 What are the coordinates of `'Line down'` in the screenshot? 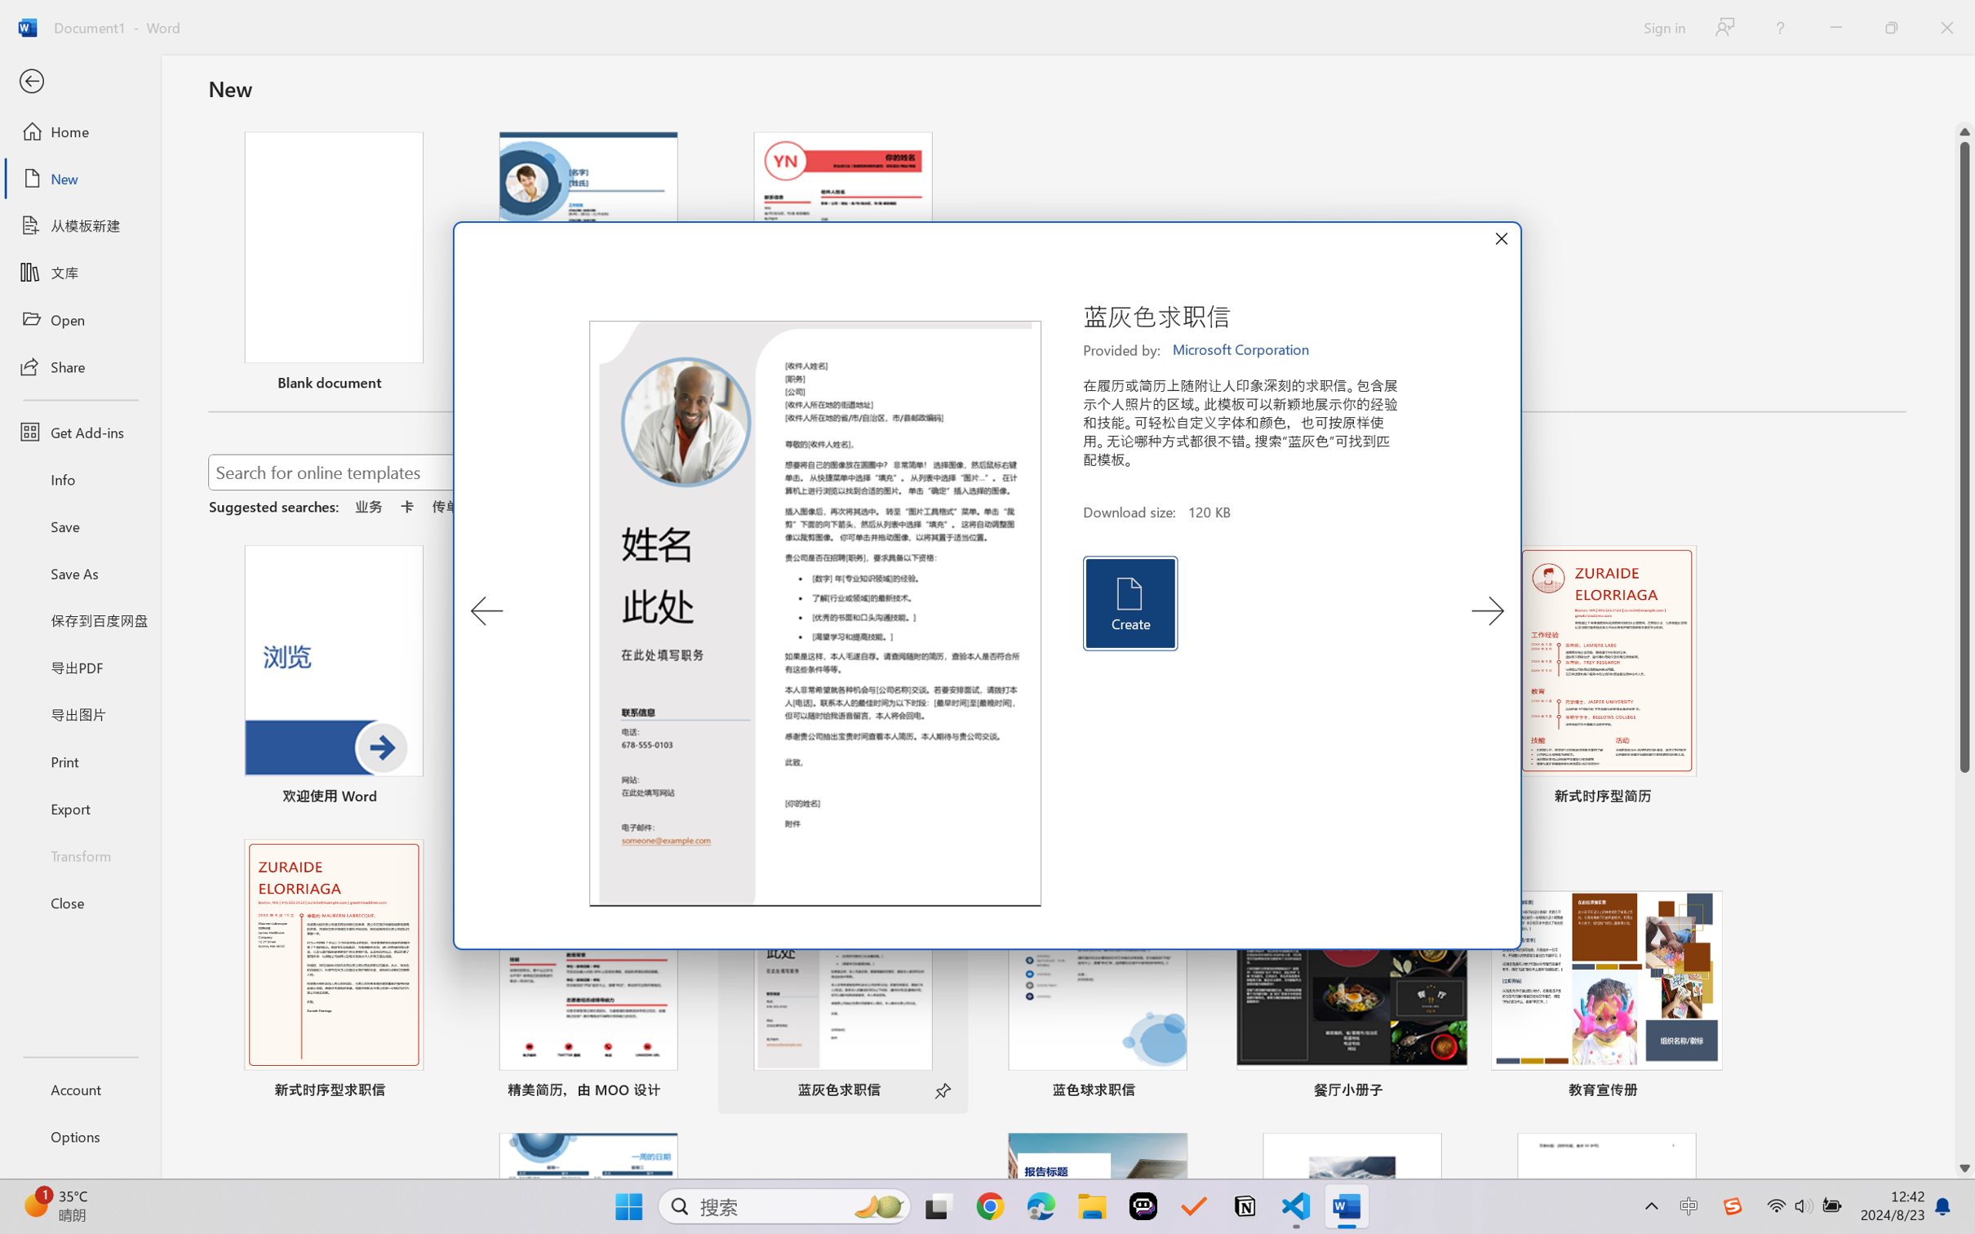 It's located at (1964, 1169).